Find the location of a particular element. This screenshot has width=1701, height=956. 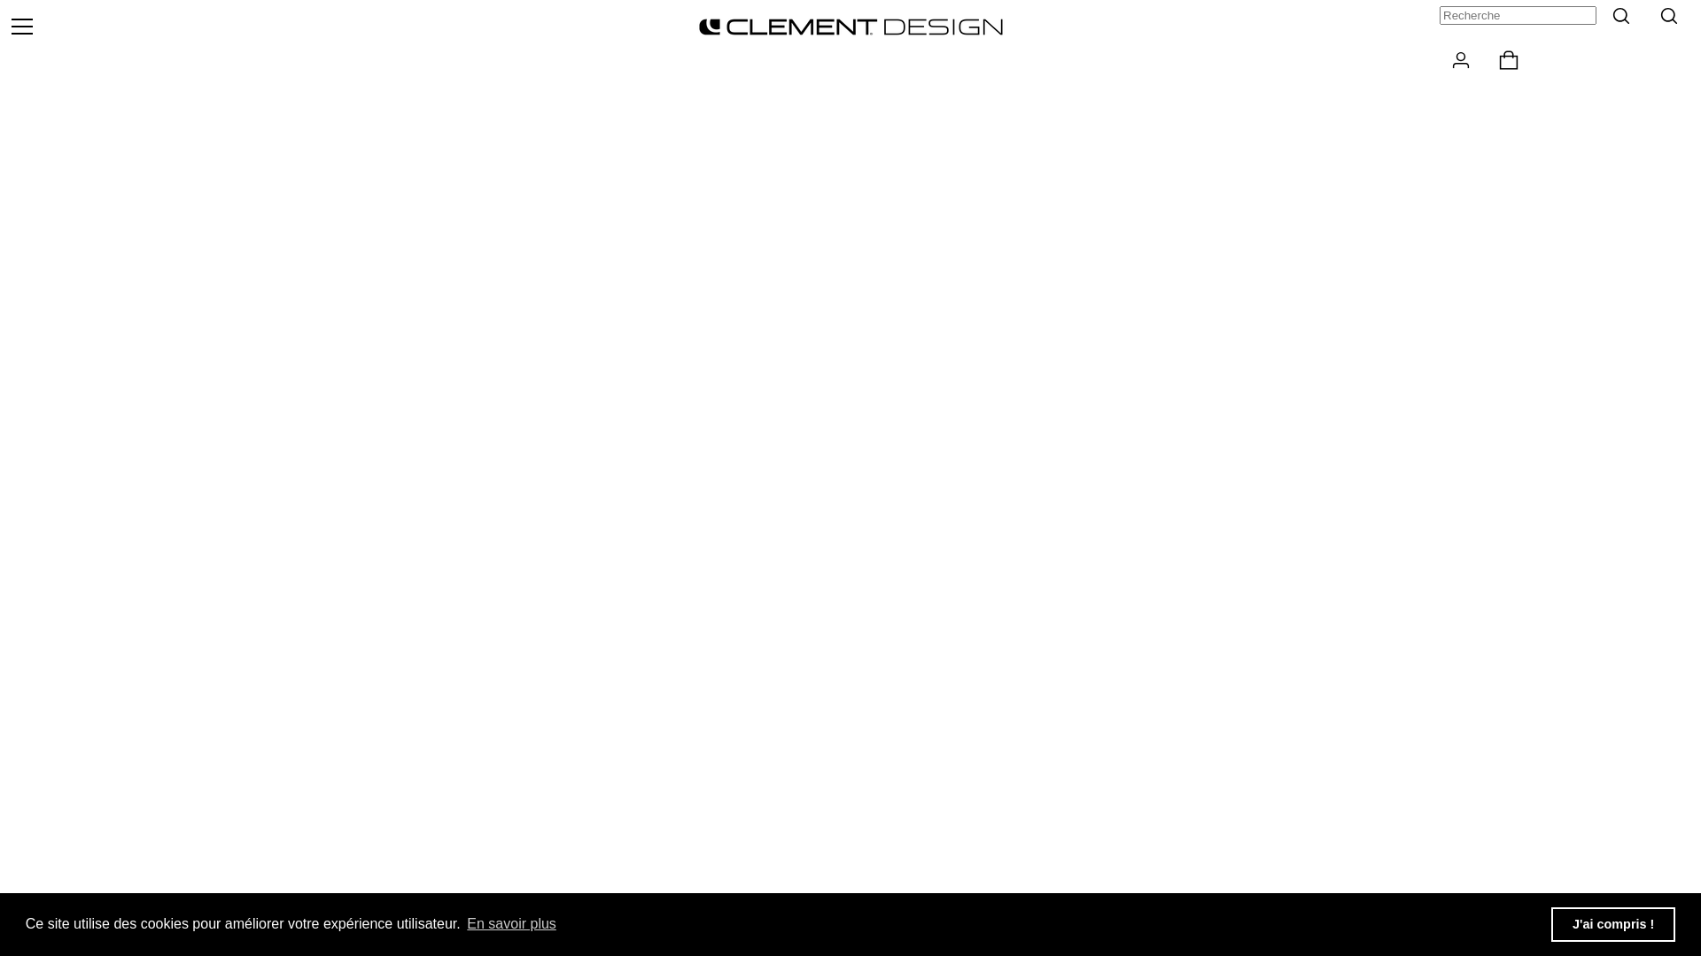

'VOIR LE PANIER' is located at coordinates (1509, 59).